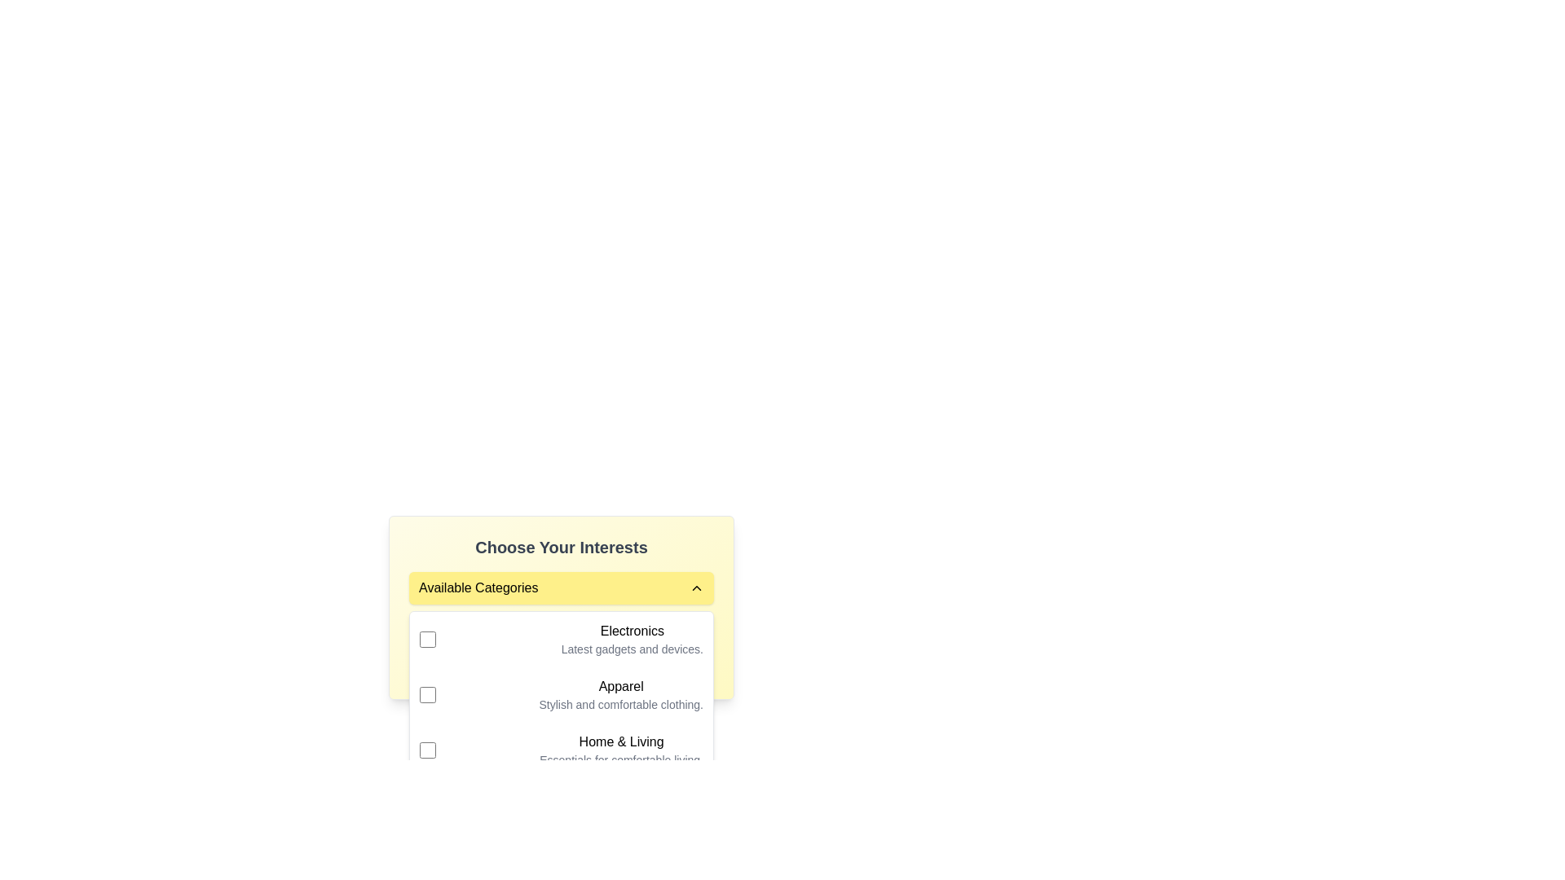  I want to click on the 'Apparel' category text label located in the 'Choose Your Interests' section, which is the second item in the list, so click(620, 694).